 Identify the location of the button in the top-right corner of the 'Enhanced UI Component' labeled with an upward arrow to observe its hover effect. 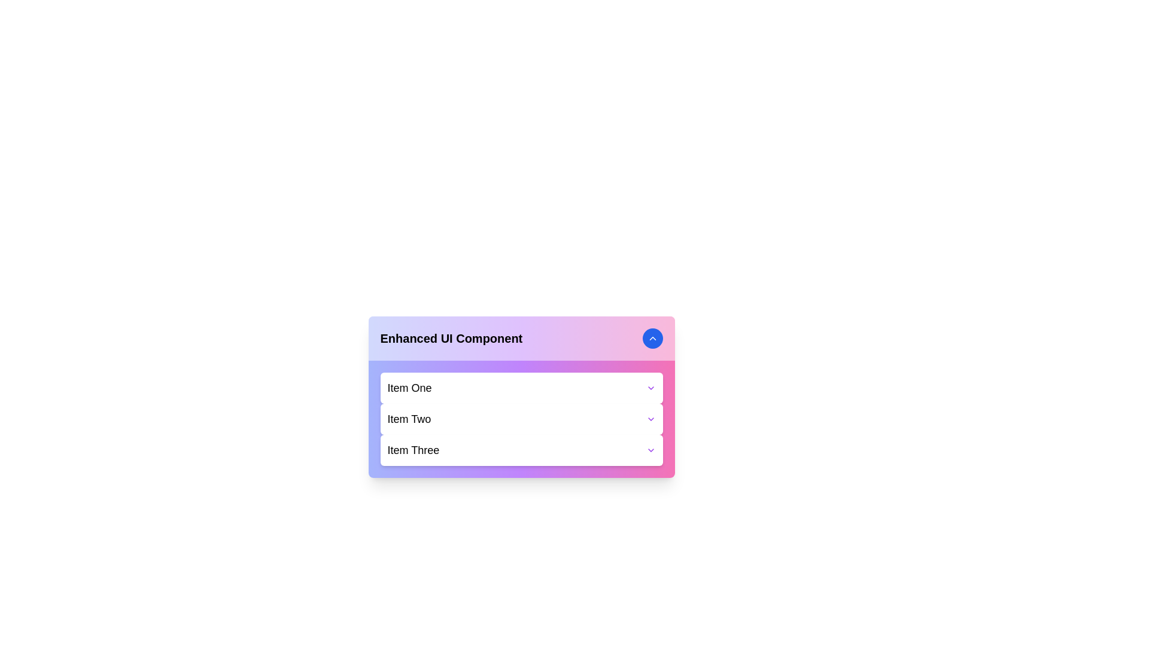
(652, 339).